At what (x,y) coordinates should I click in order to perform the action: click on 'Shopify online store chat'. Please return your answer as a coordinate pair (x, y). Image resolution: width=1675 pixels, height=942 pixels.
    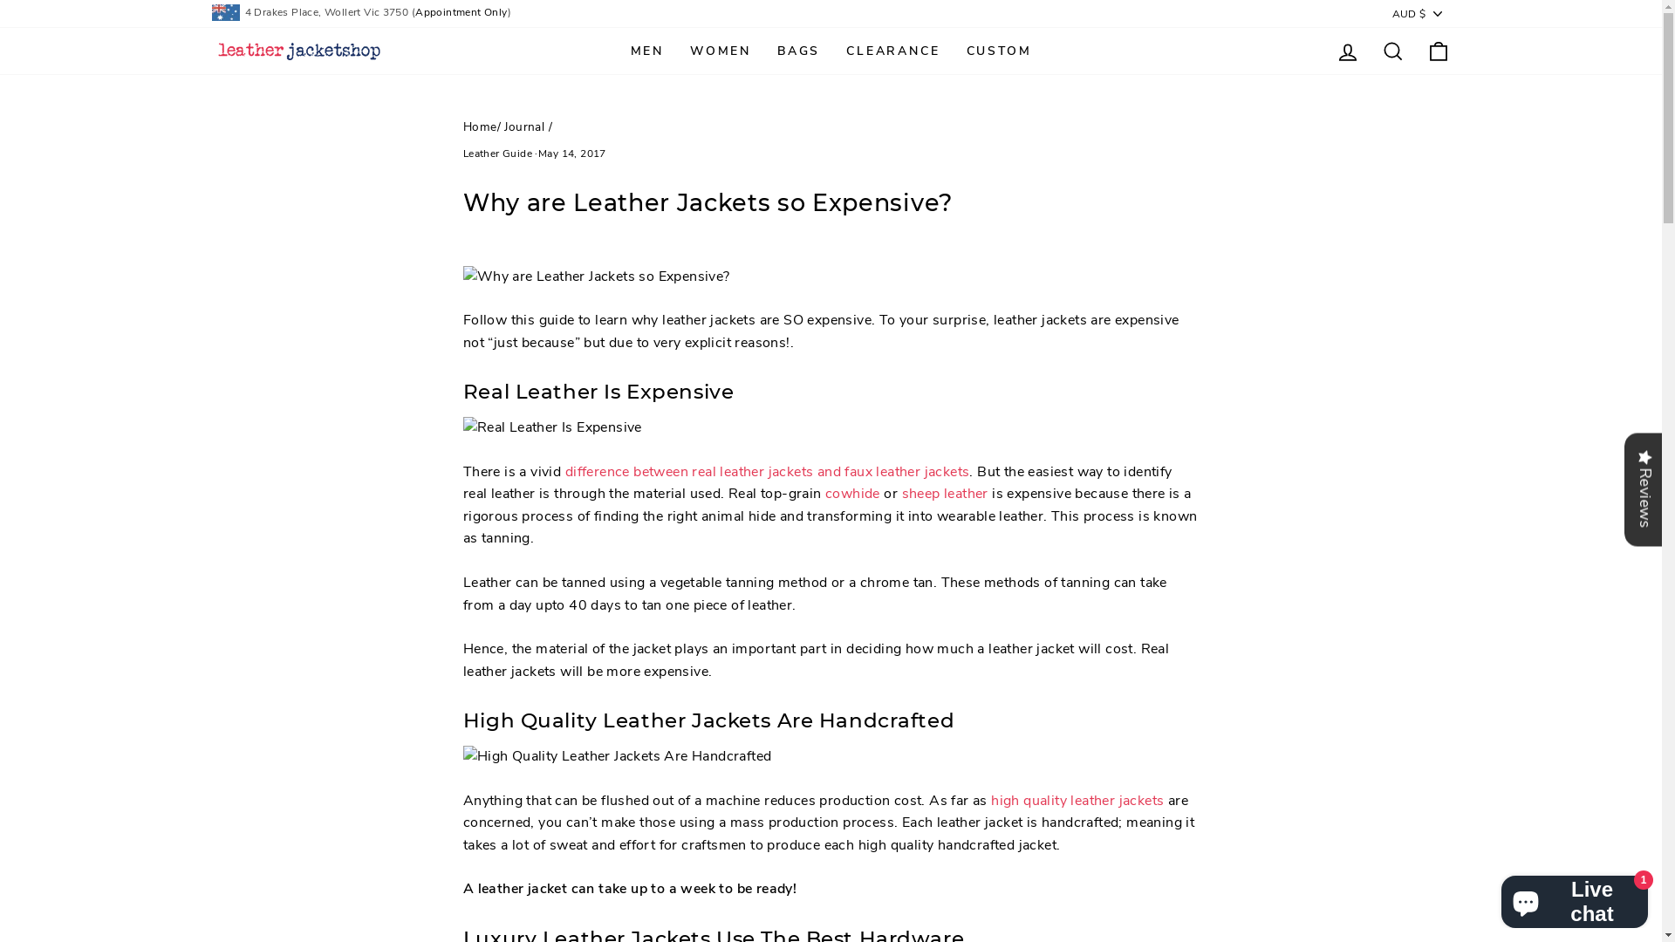
    Looking at the image, I should click on (1574, 898).